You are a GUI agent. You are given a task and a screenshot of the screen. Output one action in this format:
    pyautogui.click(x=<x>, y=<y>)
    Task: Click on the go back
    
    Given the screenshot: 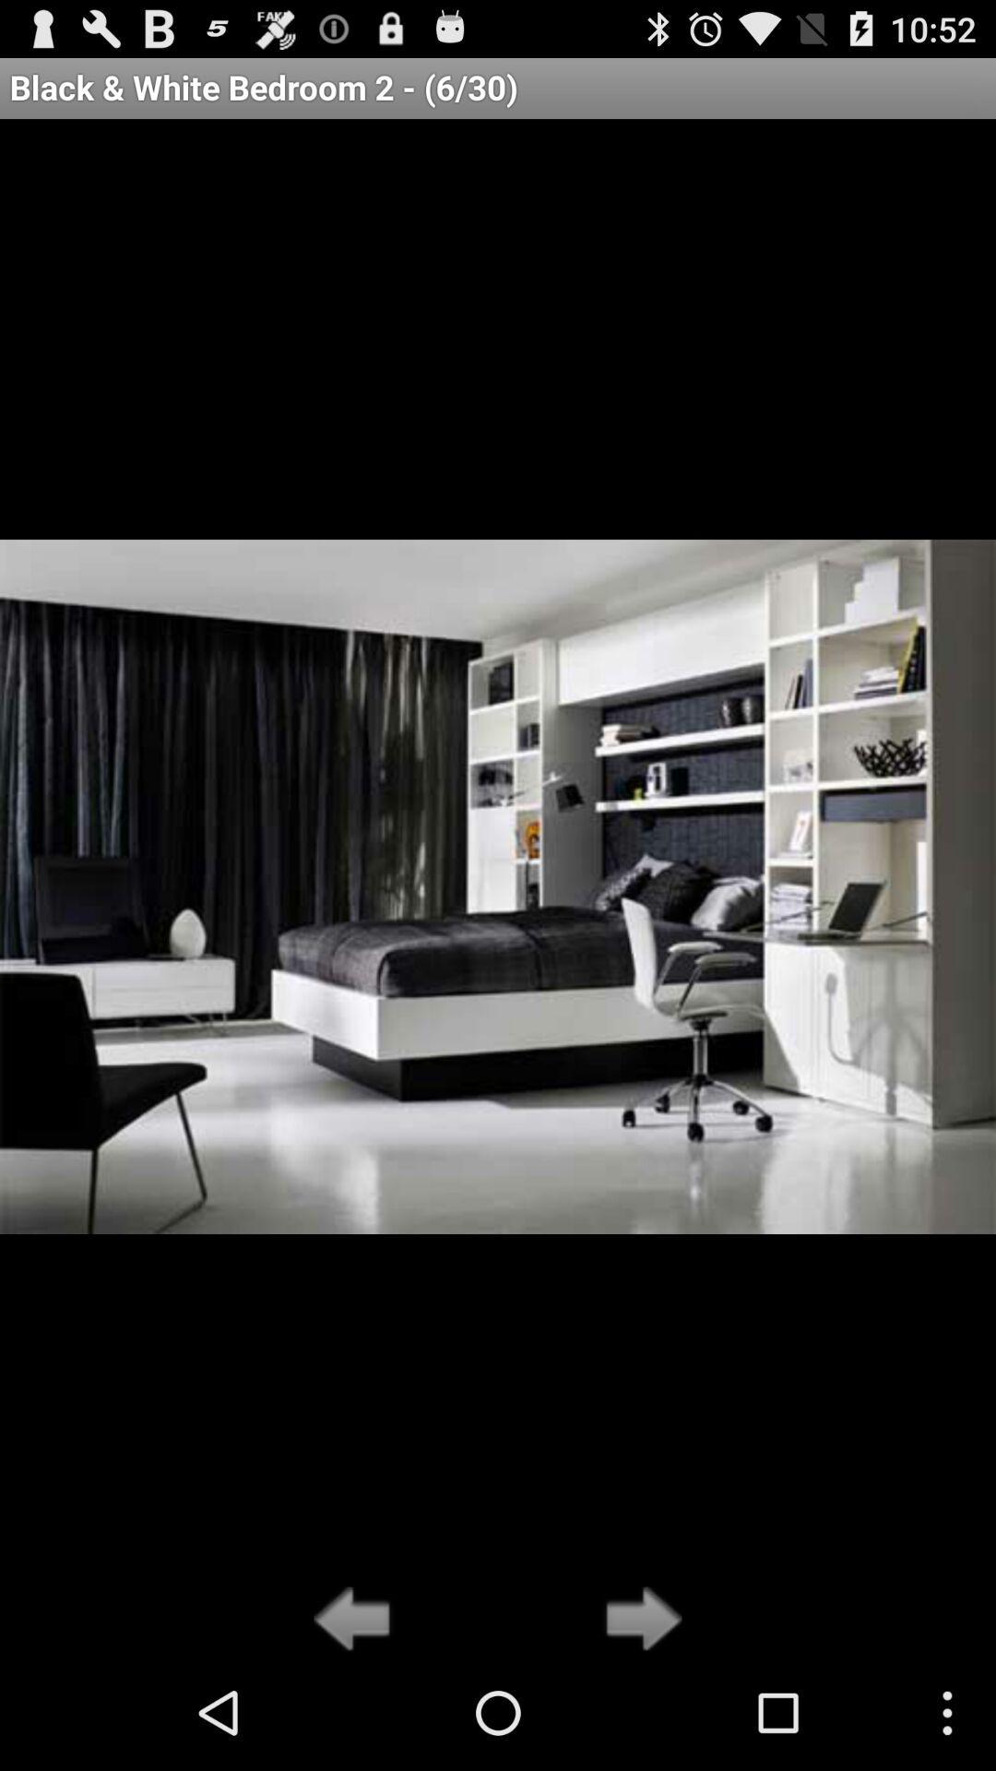 What is the action you would take?
    pyautogui.click(x=357, y=1620)
    